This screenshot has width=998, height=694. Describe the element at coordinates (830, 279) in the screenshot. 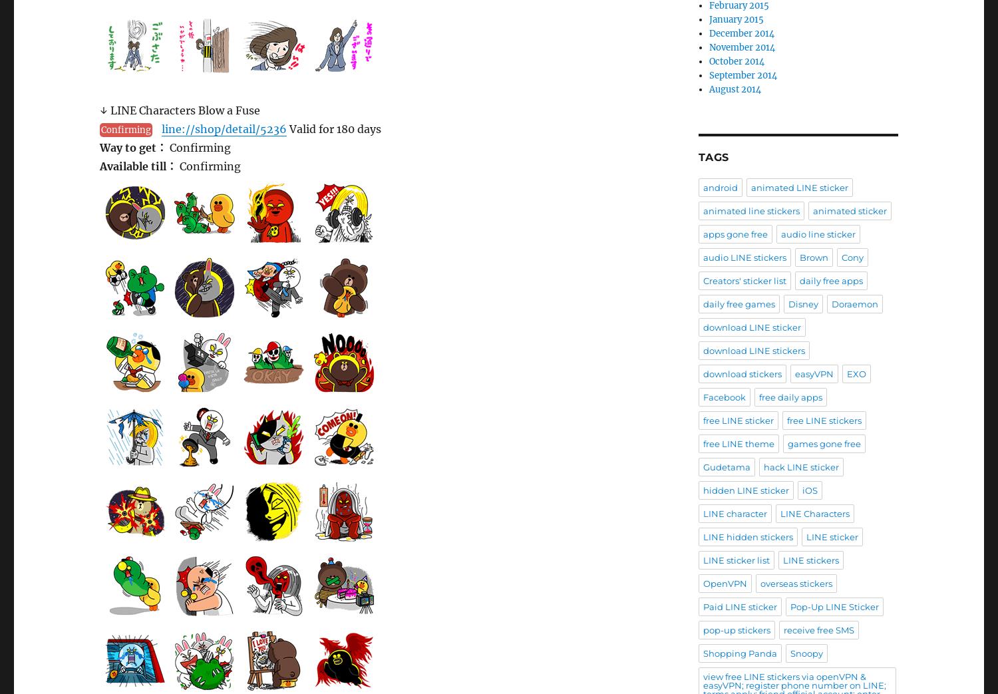

I see `'daily free apps'` at that location.